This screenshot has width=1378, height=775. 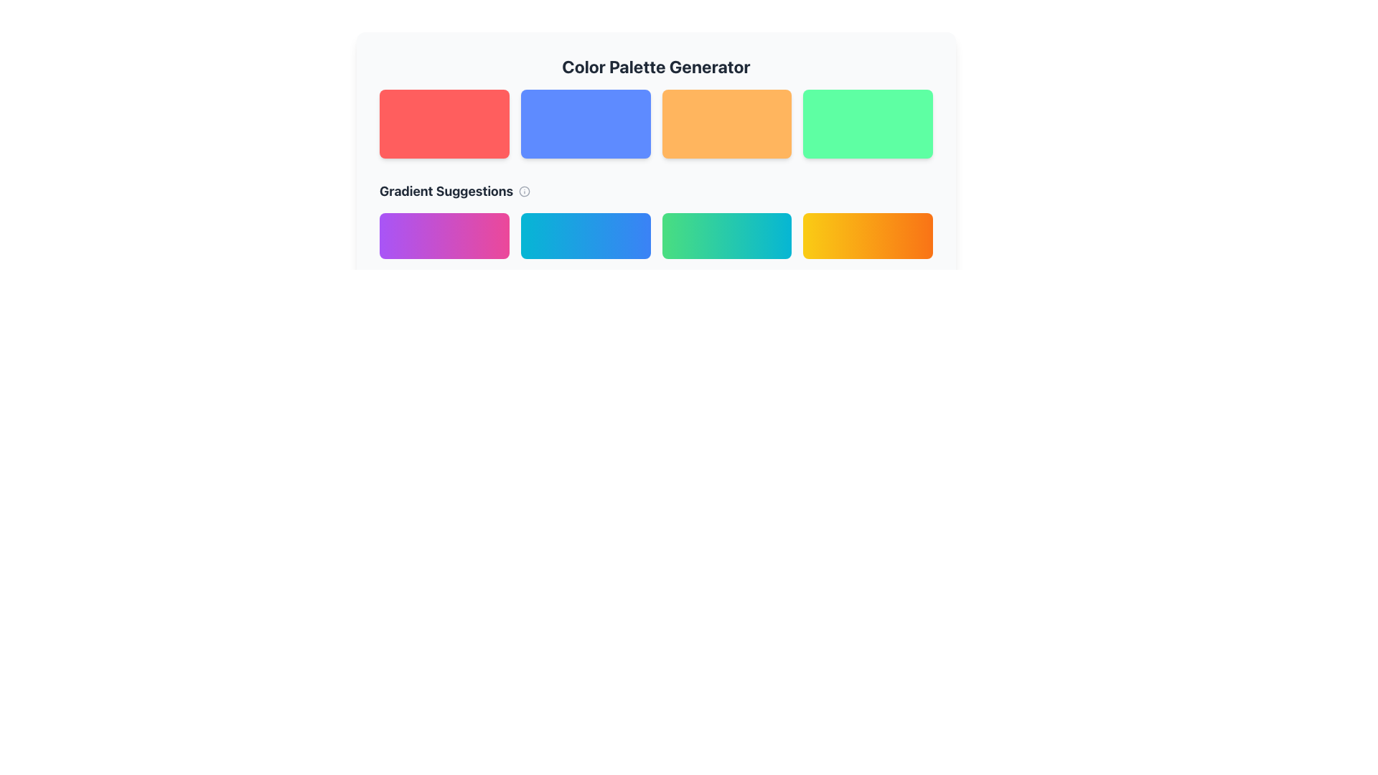 I want to click on the small circular gray information icon located to the right of the text 'Gradient Suggestions', so click(x=524, y=190).